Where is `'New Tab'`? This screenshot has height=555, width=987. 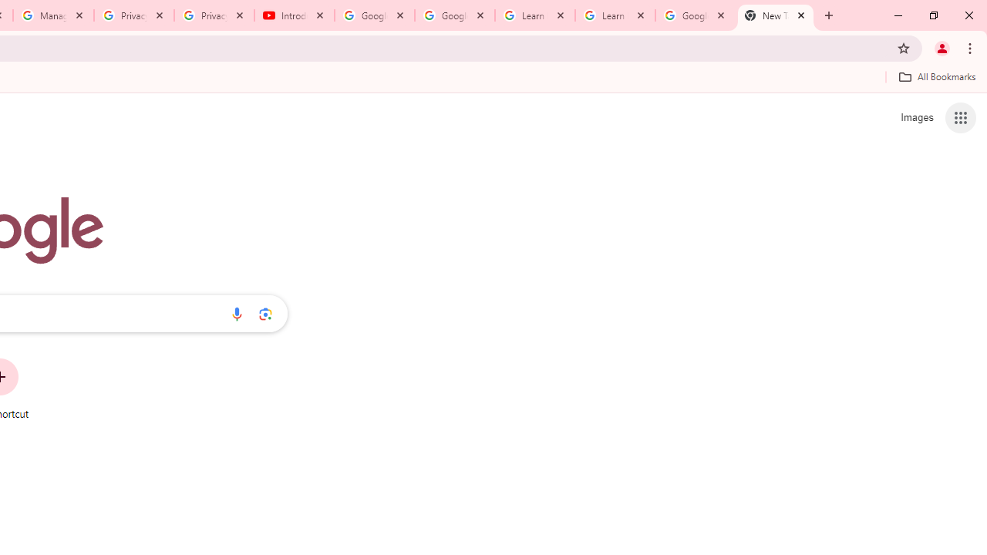
'New Tab' is located at coordinates (776, 15).